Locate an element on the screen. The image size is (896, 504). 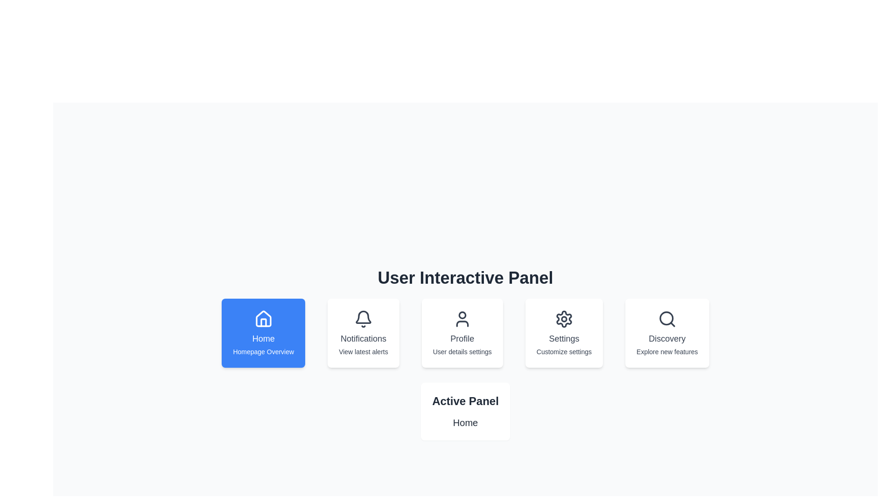
the text label displaying 'Customize settings', which is styled in dark gray on a white background and located below the 'Settings' title and gear icon in the 'Settings' card is located at coordinates (563, 351).